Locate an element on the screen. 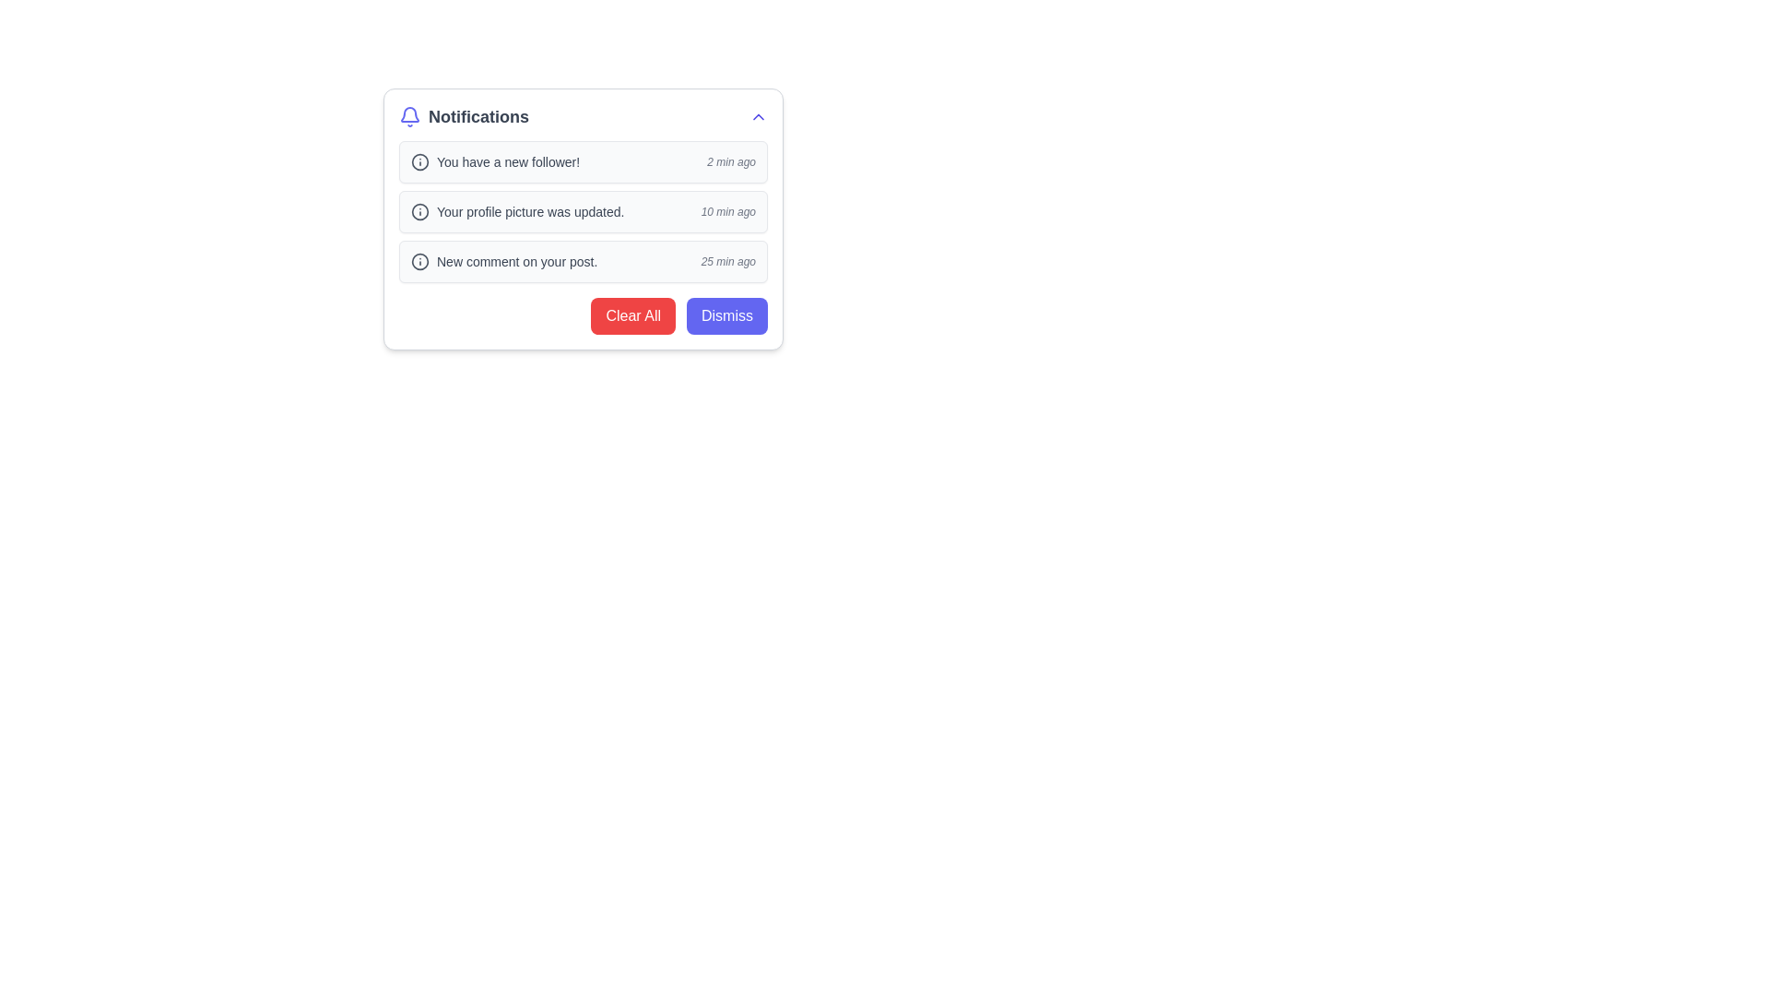 Image resolution: width=1770 pixels, height=996 pixels. the text element reading 'Your profile picture was updated.' which is part of the second notification in the notification component is located at coordinates (516, 211).